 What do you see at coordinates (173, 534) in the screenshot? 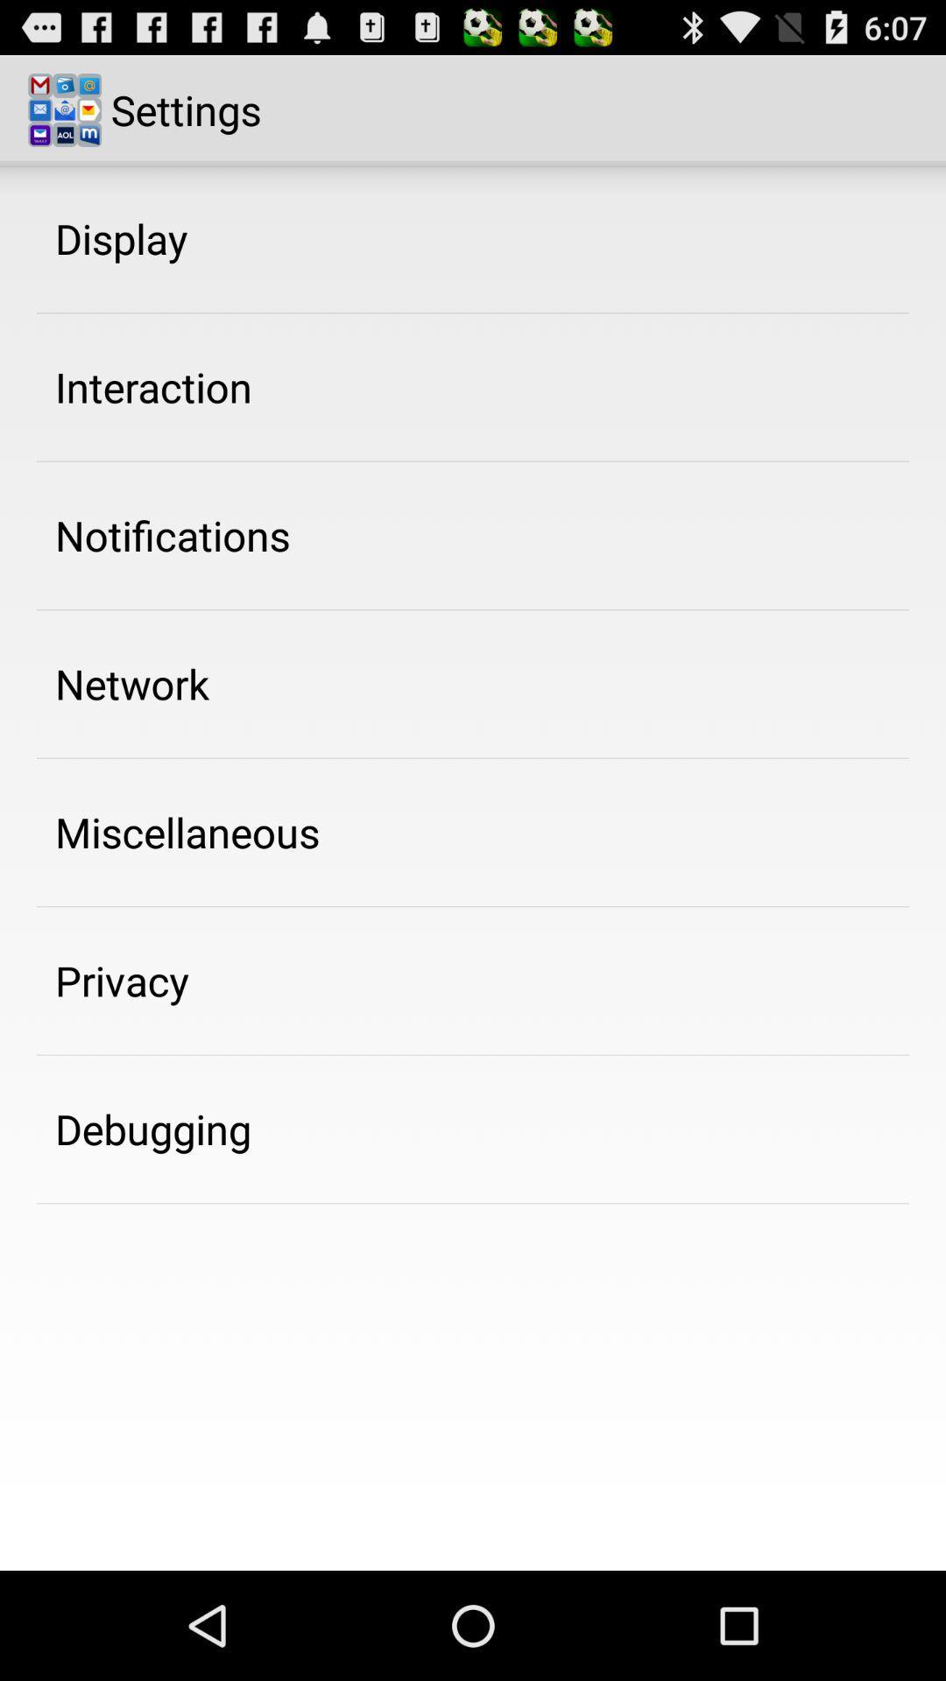
I see `the icon below interaction` at bounding box center [173, 534].